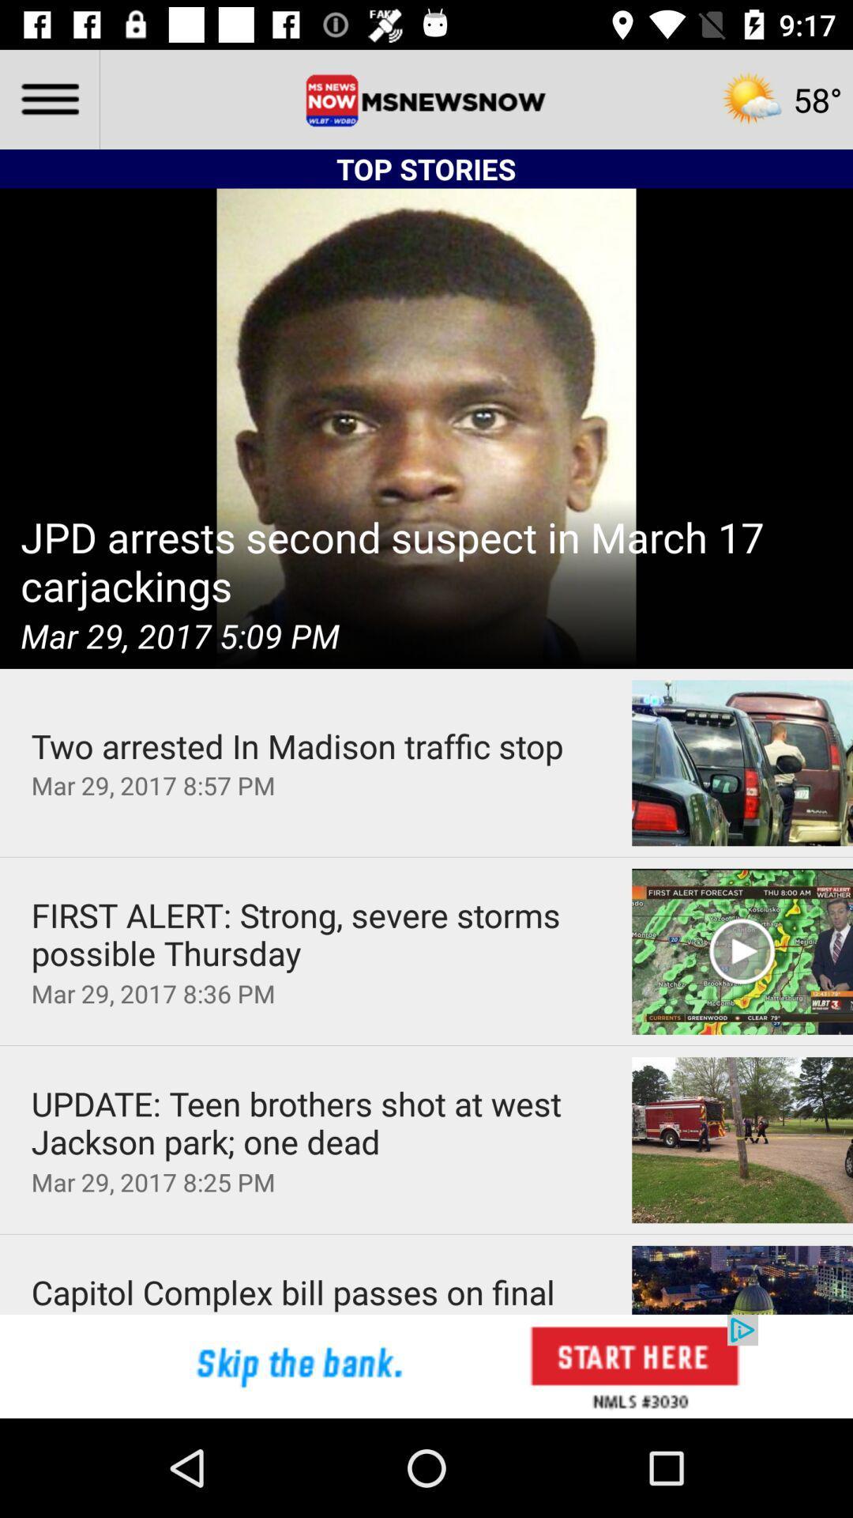  What do you see at coordinates (742, 1139) in the screenshot?
I see `the image which is on mar 29 2017 825 pm` at bounding box center [742, 1139].